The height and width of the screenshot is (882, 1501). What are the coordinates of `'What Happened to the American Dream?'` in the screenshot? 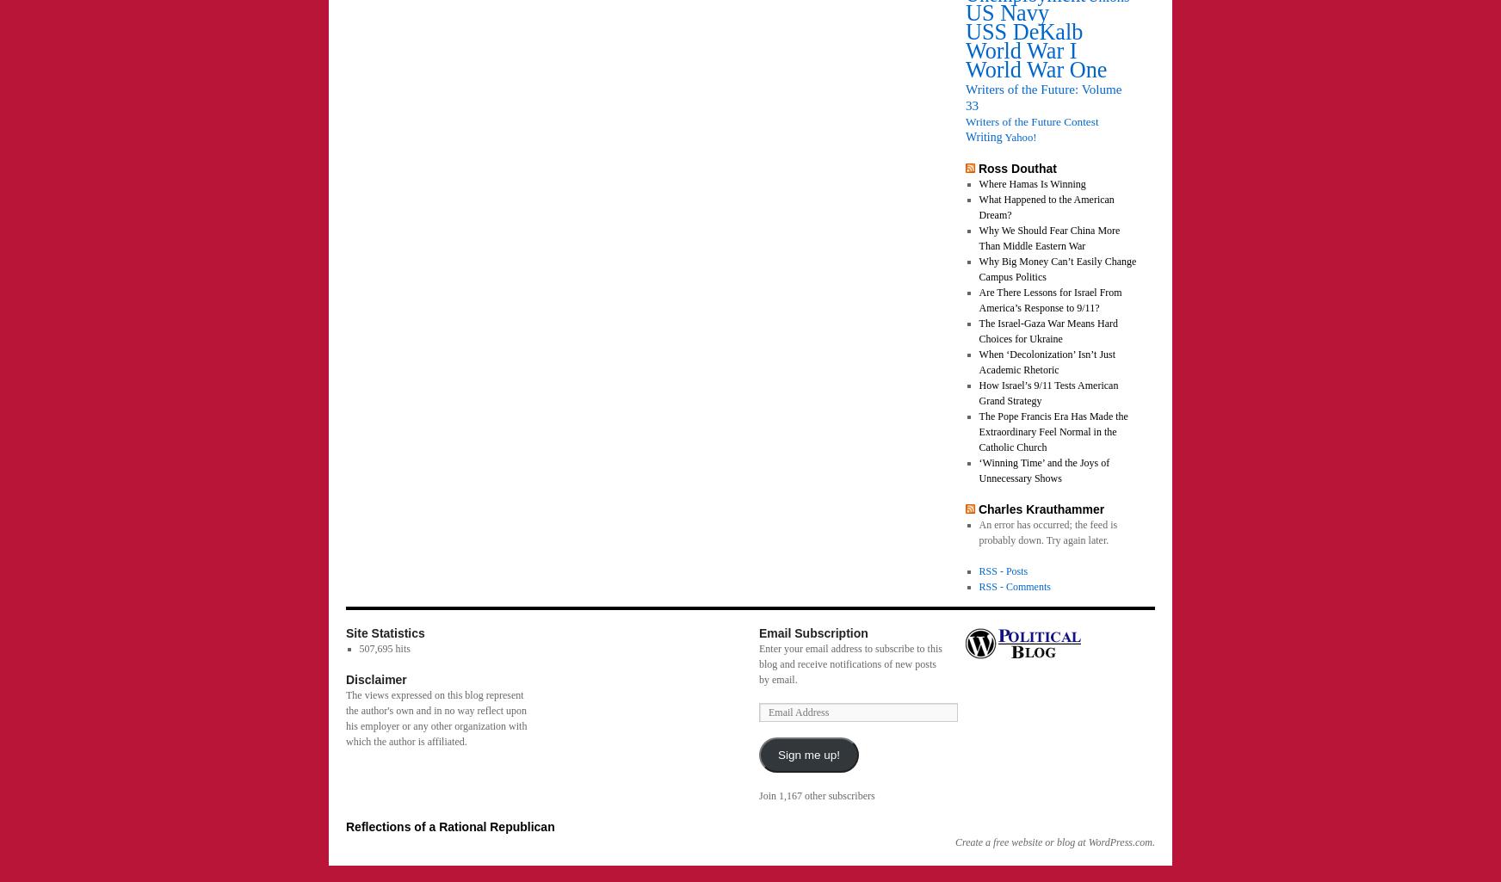 It's located at (1046, 206).